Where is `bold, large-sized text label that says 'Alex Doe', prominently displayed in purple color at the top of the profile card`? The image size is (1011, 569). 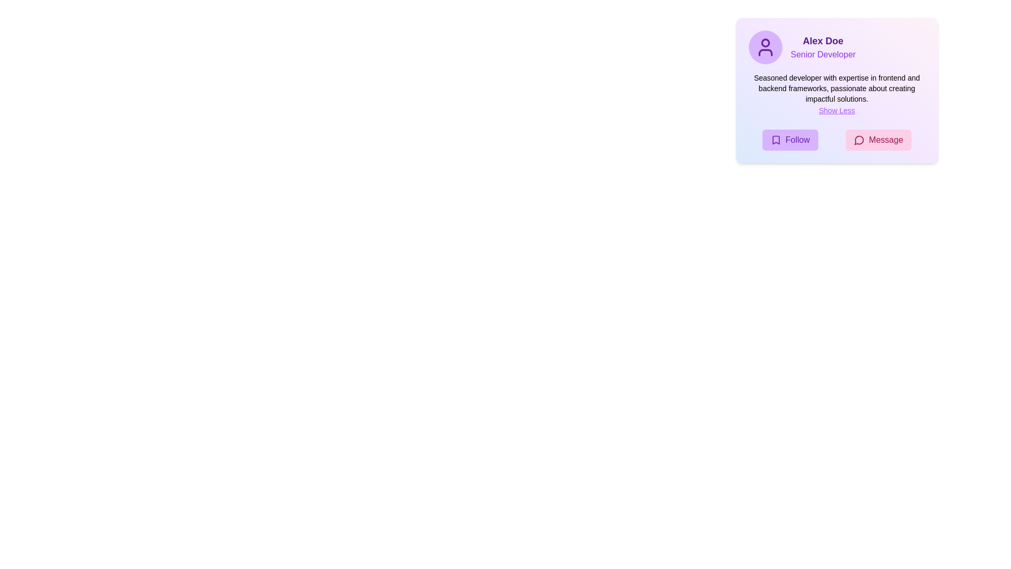
bold, large-sized text label that says 'Alex Doe', prominently displayed in purple color at the top of the profile card is located at coordinates (822, 40).